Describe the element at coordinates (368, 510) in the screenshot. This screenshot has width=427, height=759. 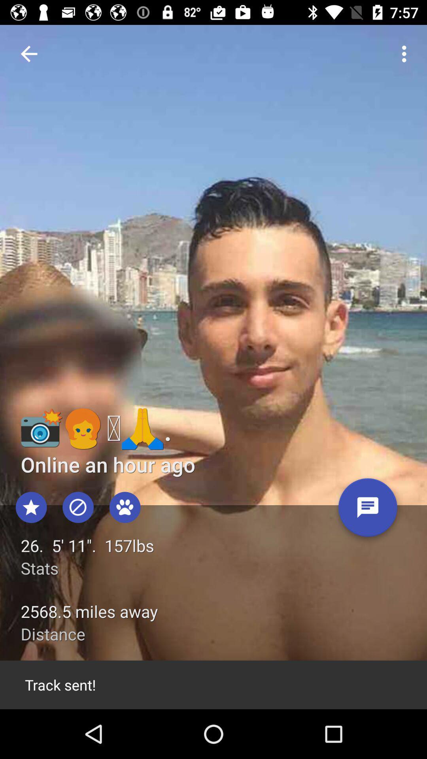
I see `the chat icon` at that location.